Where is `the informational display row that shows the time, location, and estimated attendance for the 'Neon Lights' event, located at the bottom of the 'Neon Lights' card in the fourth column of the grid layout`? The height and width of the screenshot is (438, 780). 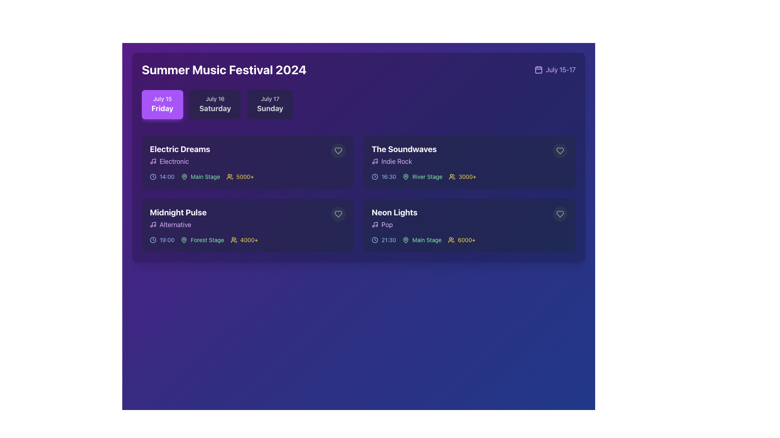
the informational display row that shows the time, location, and estimated attendance for the 'Neon Lights' event, located at the bottom of the 'Neon Lights' card in the fourth column of the grid layout is located at coordinates (470, 239).